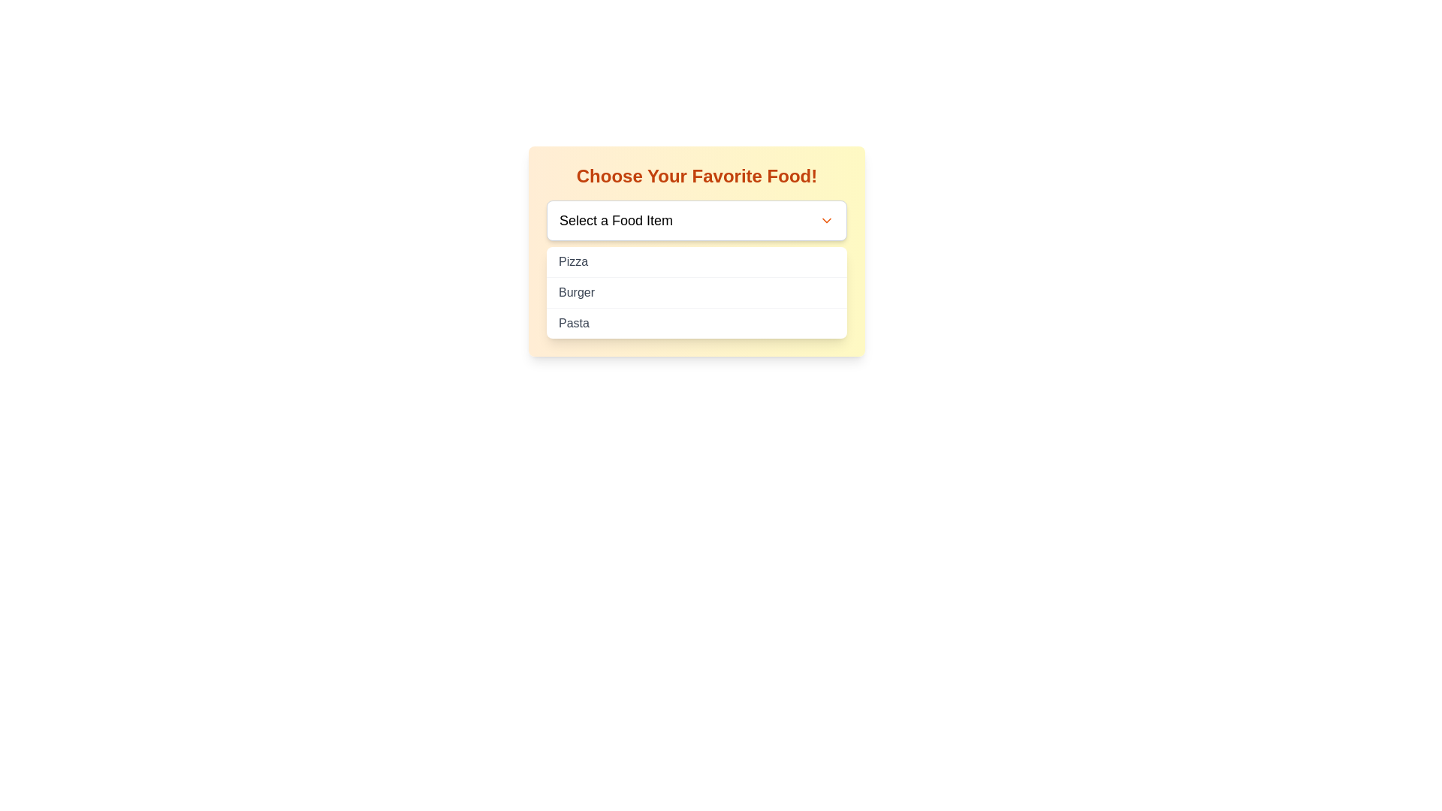  Describe the element at coordinates (825, 220) in the screenshot. I see `the orange chevron-down dropdown toggle icon located to the far right of the 'Select a Food Item' input box` at that location.